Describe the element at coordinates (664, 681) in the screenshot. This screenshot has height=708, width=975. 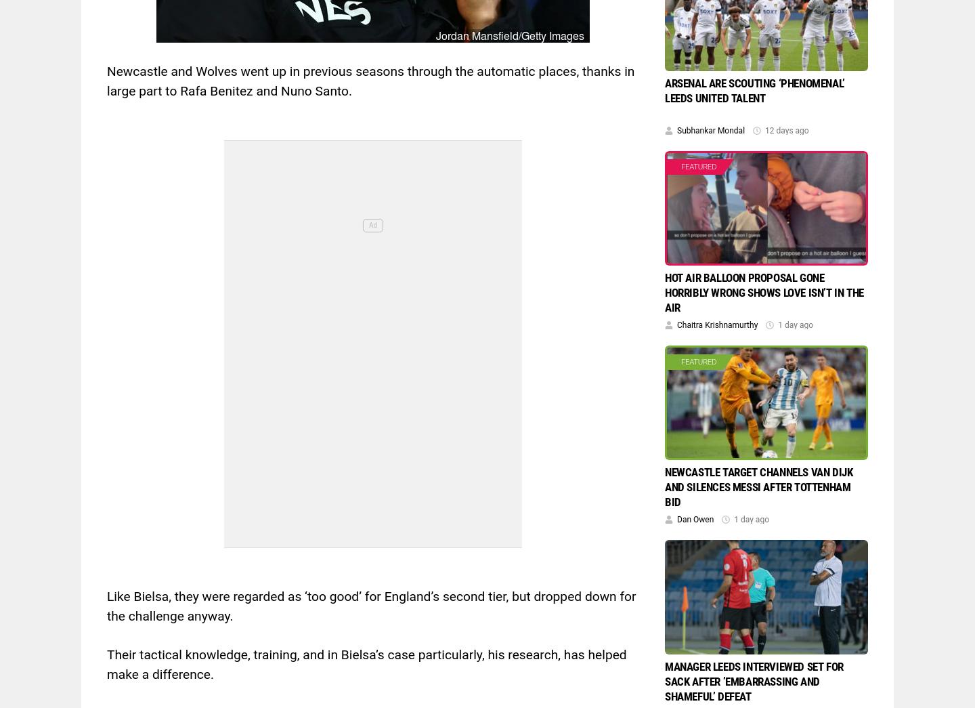
I see `'Manager Leeds interviewed set for sack after ’embarrassing and shameful’ defeat'` at that location.